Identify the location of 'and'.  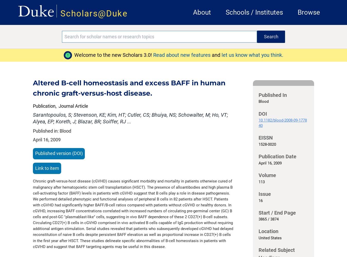
(212, 55).